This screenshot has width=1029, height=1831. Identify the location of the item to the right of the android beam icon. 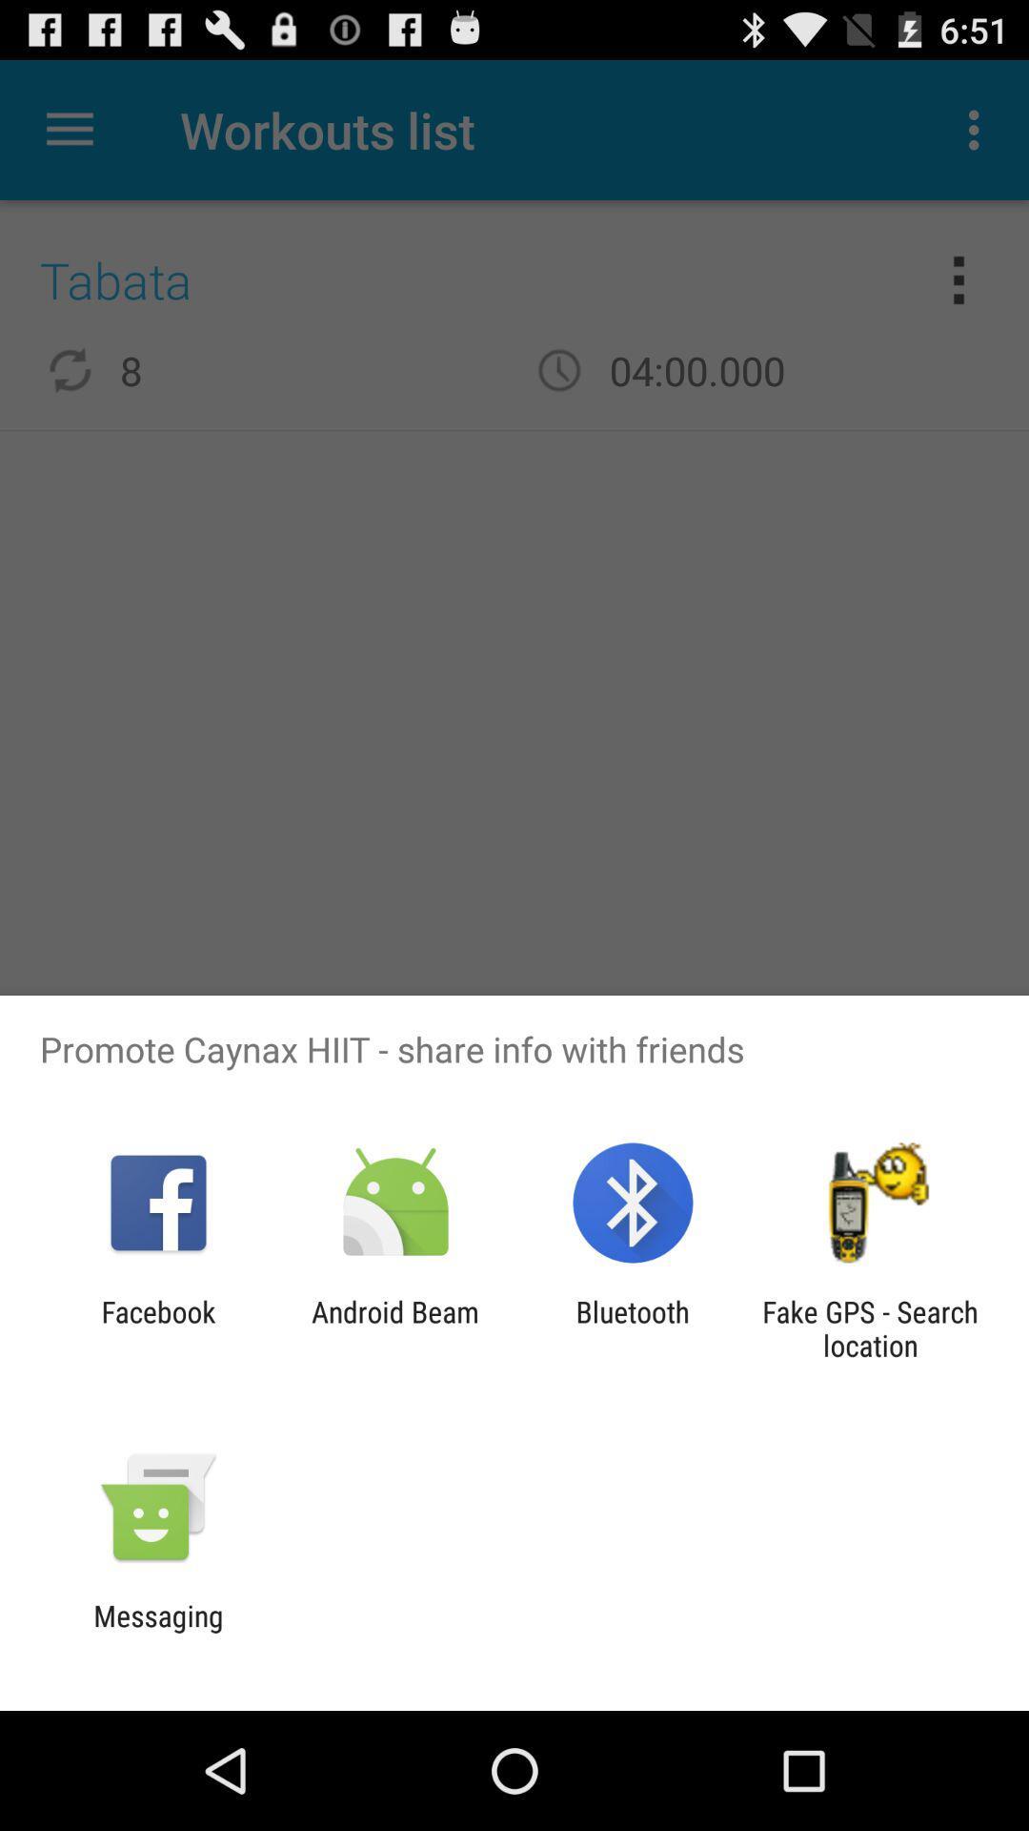
(633, 1327).